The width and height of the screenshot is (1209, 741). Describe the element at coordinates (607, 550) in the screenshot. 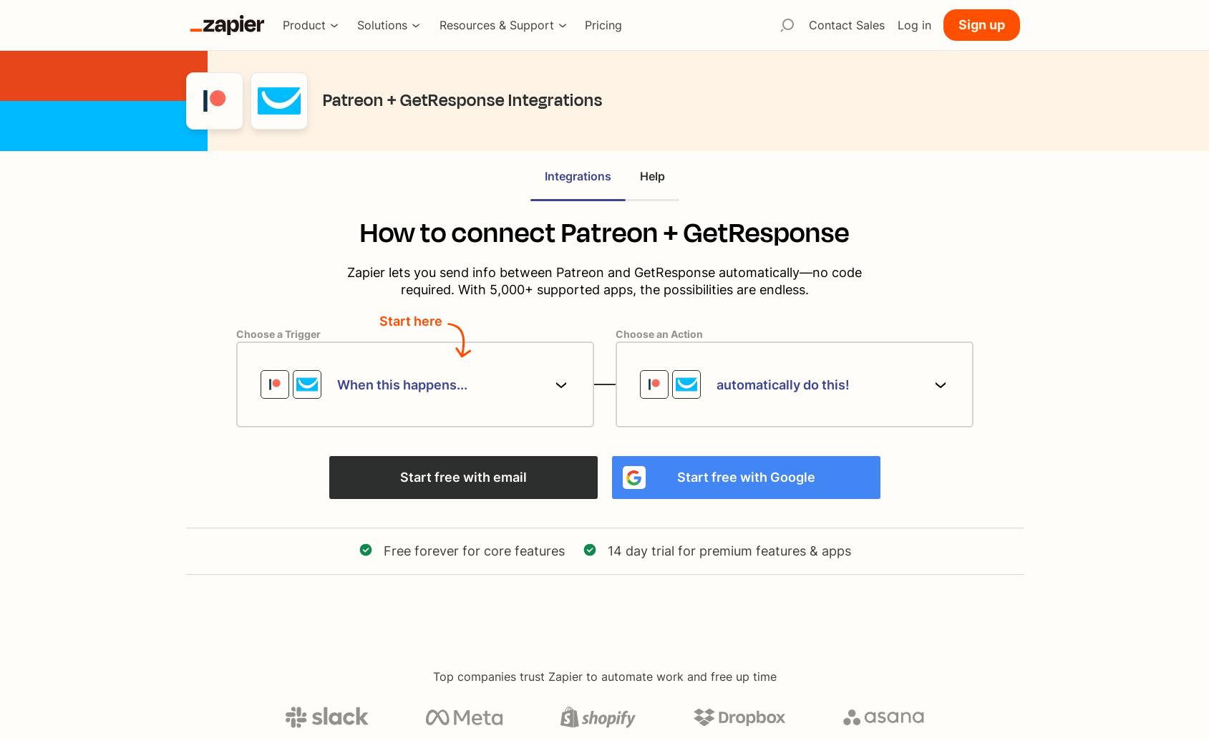

I see `'14 day trial'` at that location.